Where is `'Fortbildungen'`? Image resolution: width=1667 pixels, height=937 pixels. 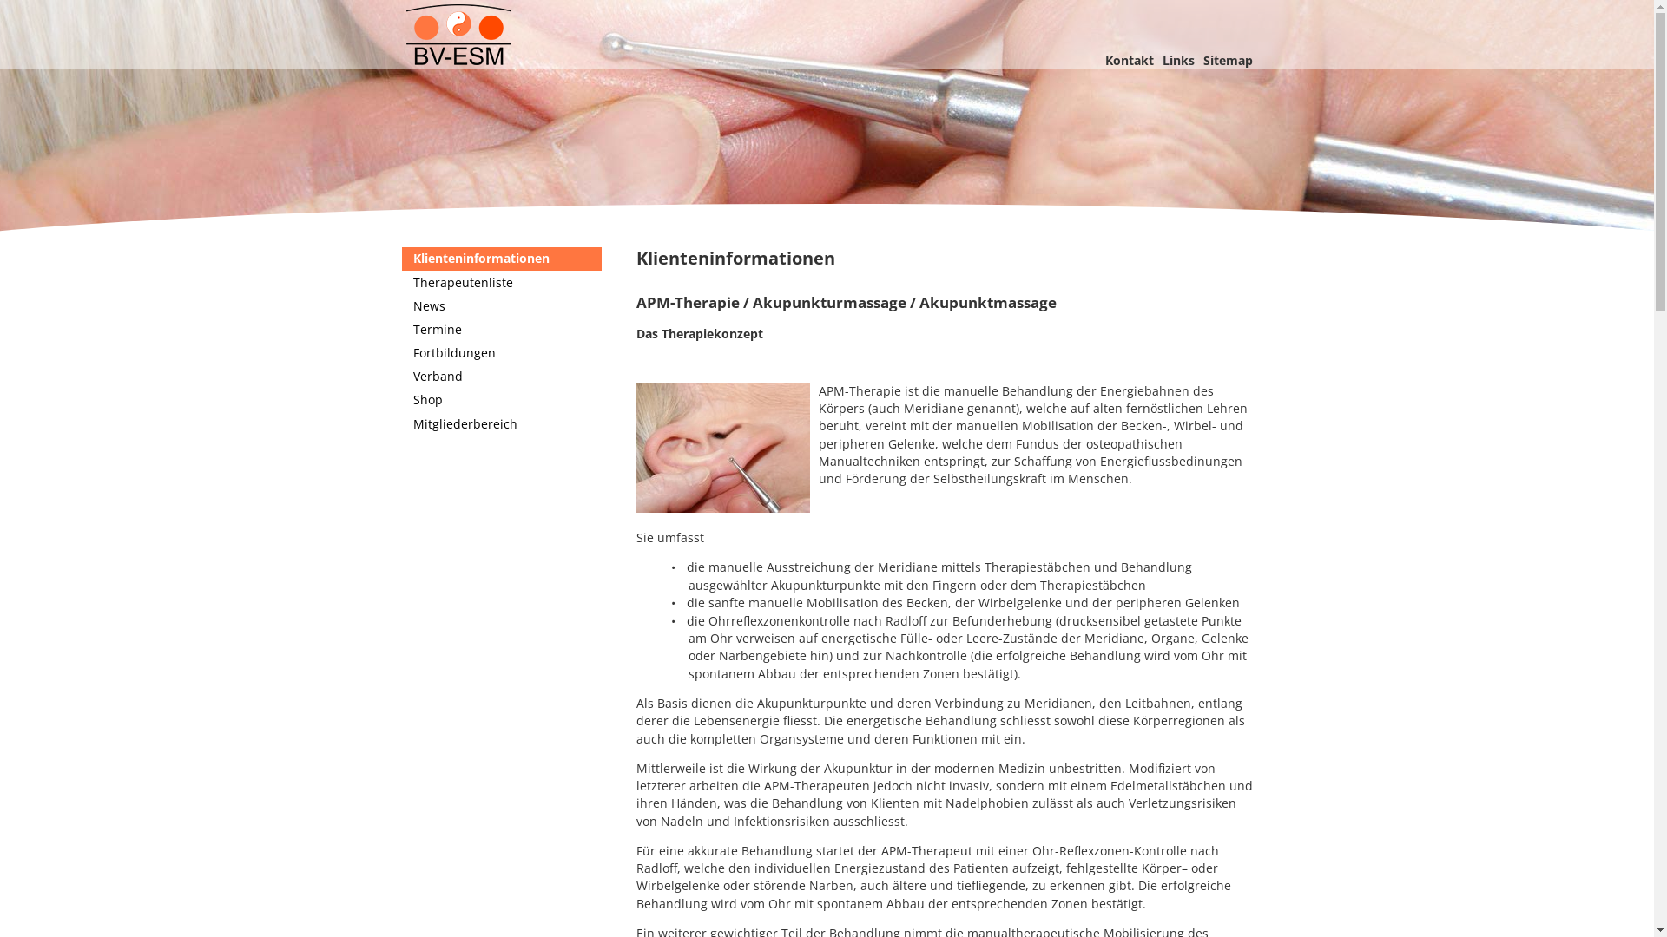
'Fortbildungen' is located at coordinates (399, 352).